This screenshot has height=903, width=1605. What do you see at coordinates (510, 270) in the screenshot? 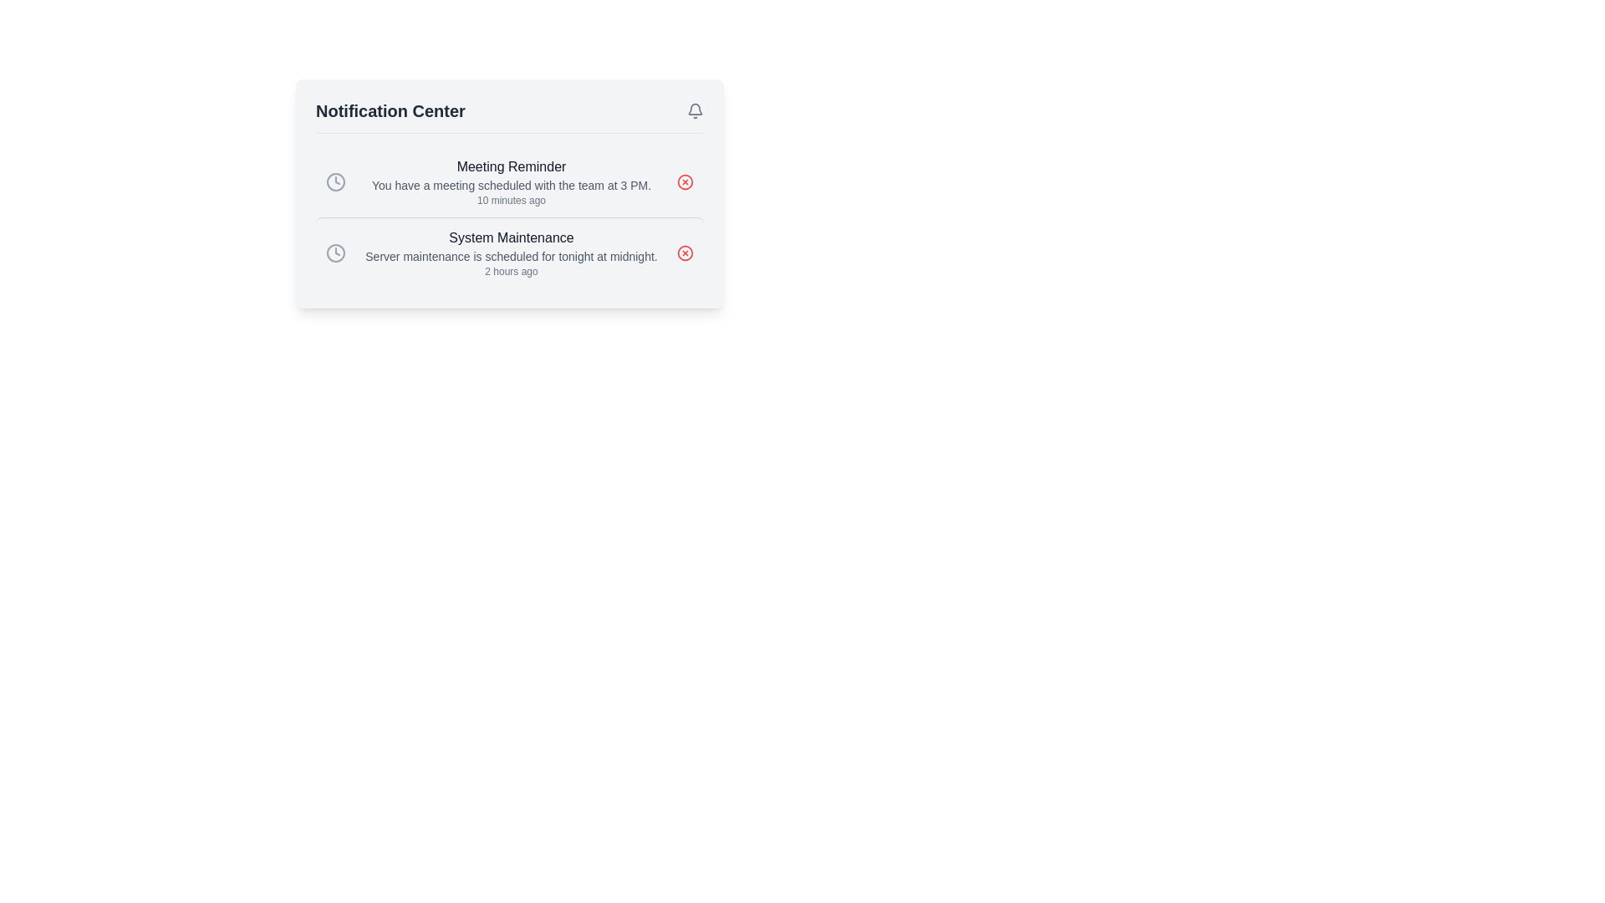
I see `the timestamp text '2 hours ago' located within the 'System Maintenance' notification card, which is positioned below the main message about server maintenance` at bounding box center [510, 270].